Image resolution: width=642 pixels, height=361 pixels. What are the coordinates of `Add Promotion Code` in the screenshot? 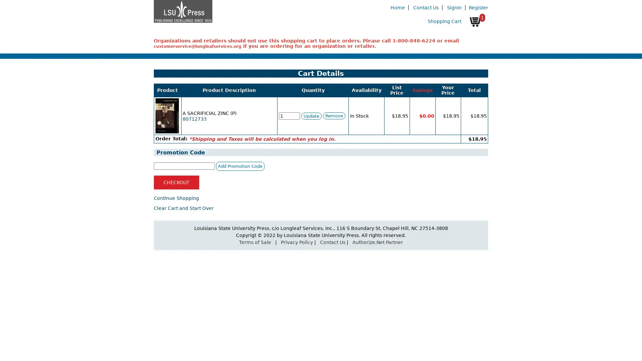 It's located at (240, 165).